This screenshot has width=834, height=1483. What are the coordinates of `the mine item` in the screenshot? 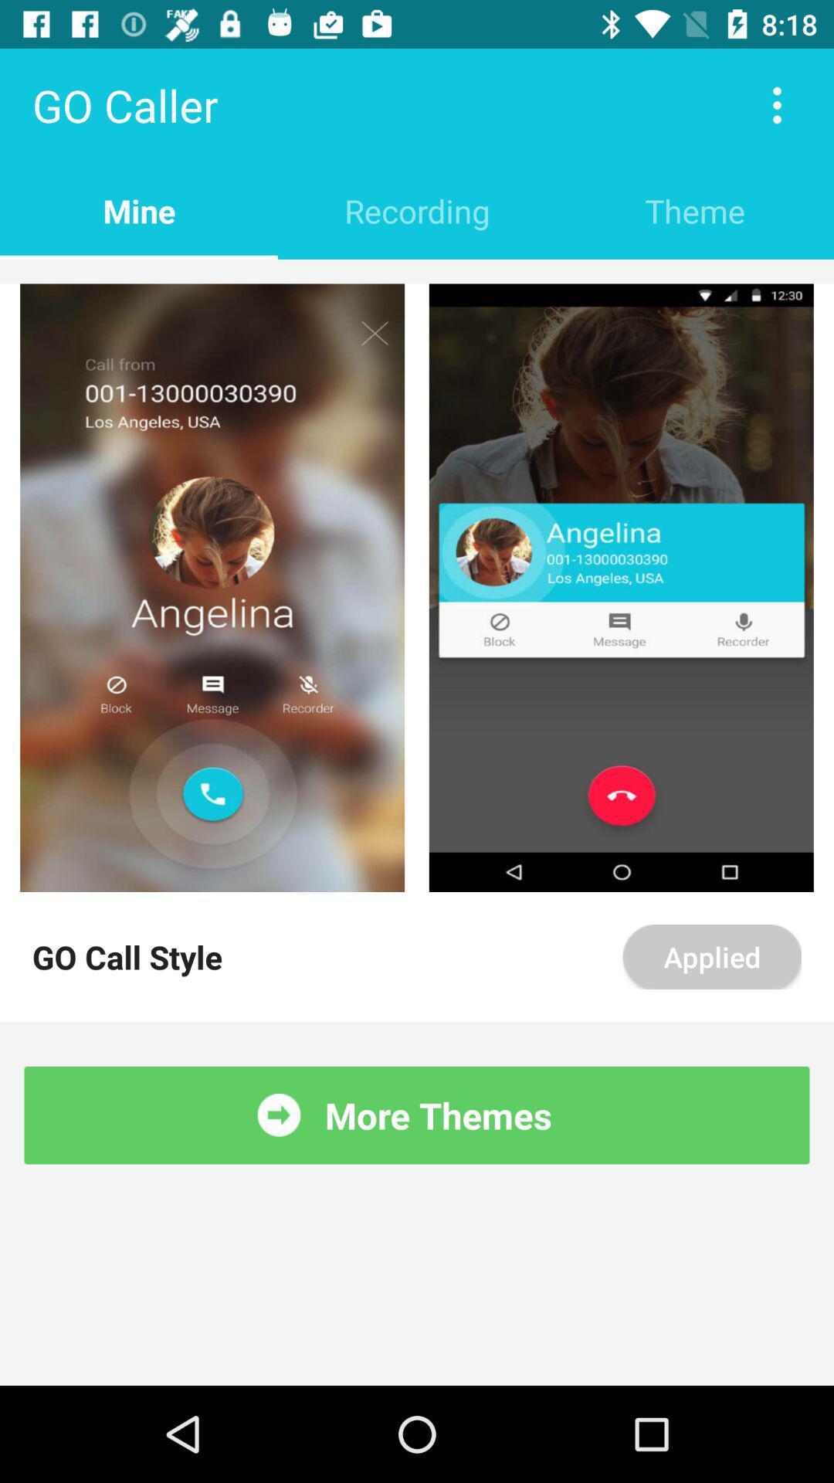 It's located at (139, 210).